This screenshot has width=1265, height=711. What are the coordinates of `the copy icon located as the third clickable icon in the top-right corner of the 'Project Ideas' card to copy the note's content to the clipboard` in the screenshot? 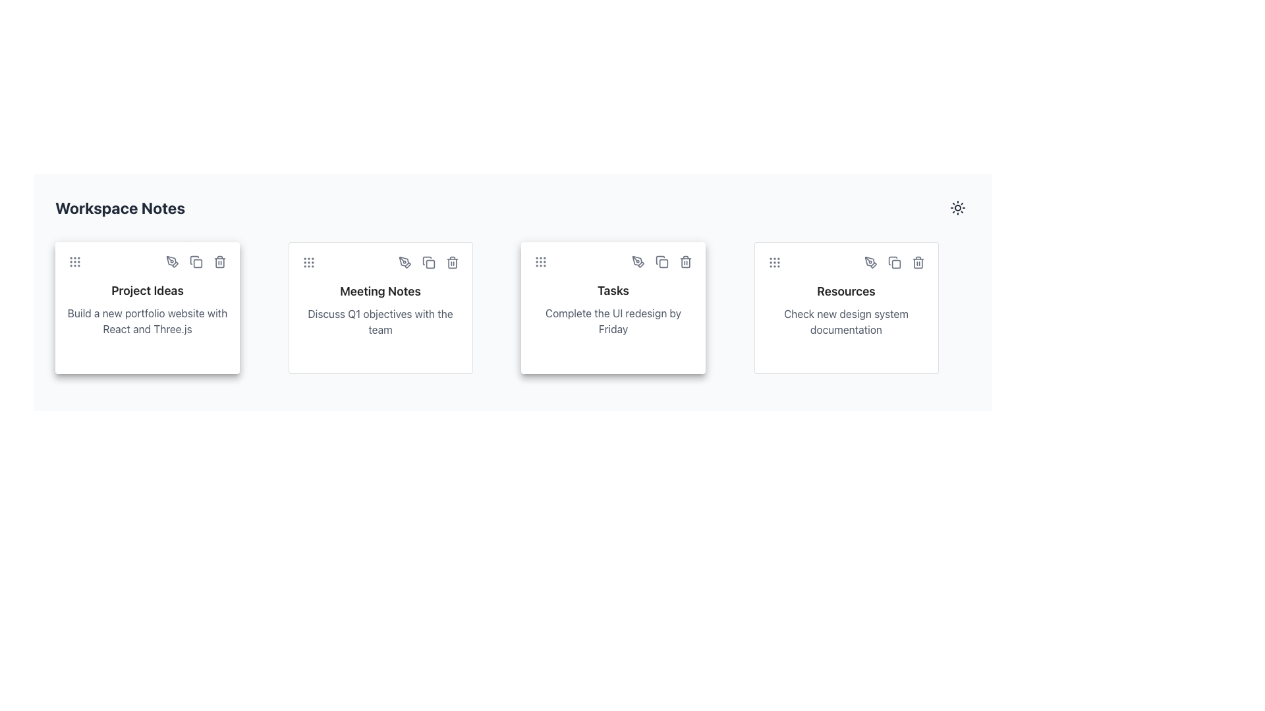 It's located at (195, 261).